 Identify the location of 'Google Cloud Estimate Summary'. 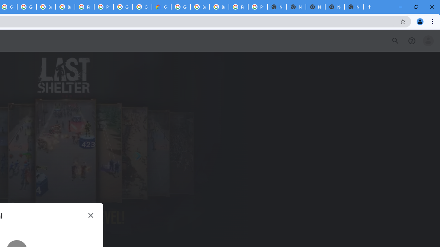
(161, 7).